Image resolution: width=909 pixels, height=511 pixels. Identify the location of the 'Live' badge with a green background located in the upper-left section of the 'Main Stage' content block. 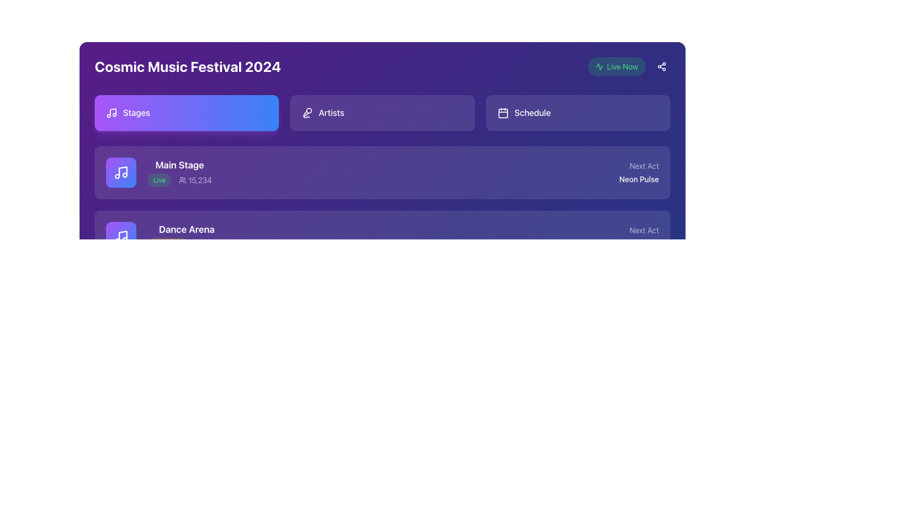
(160, 180).